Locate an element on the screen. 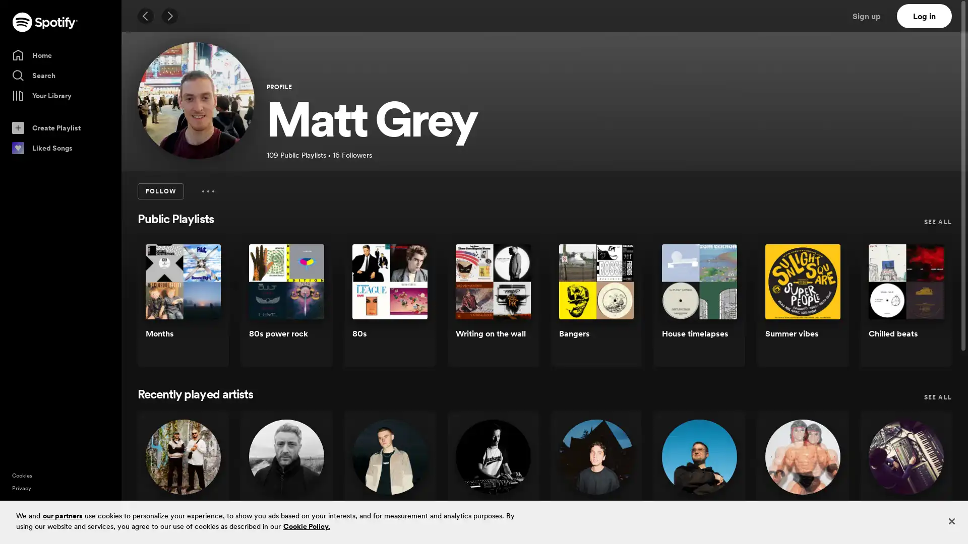 This screenshot has width=968, height=544. Sign up free is located at coordinates (917, 528).